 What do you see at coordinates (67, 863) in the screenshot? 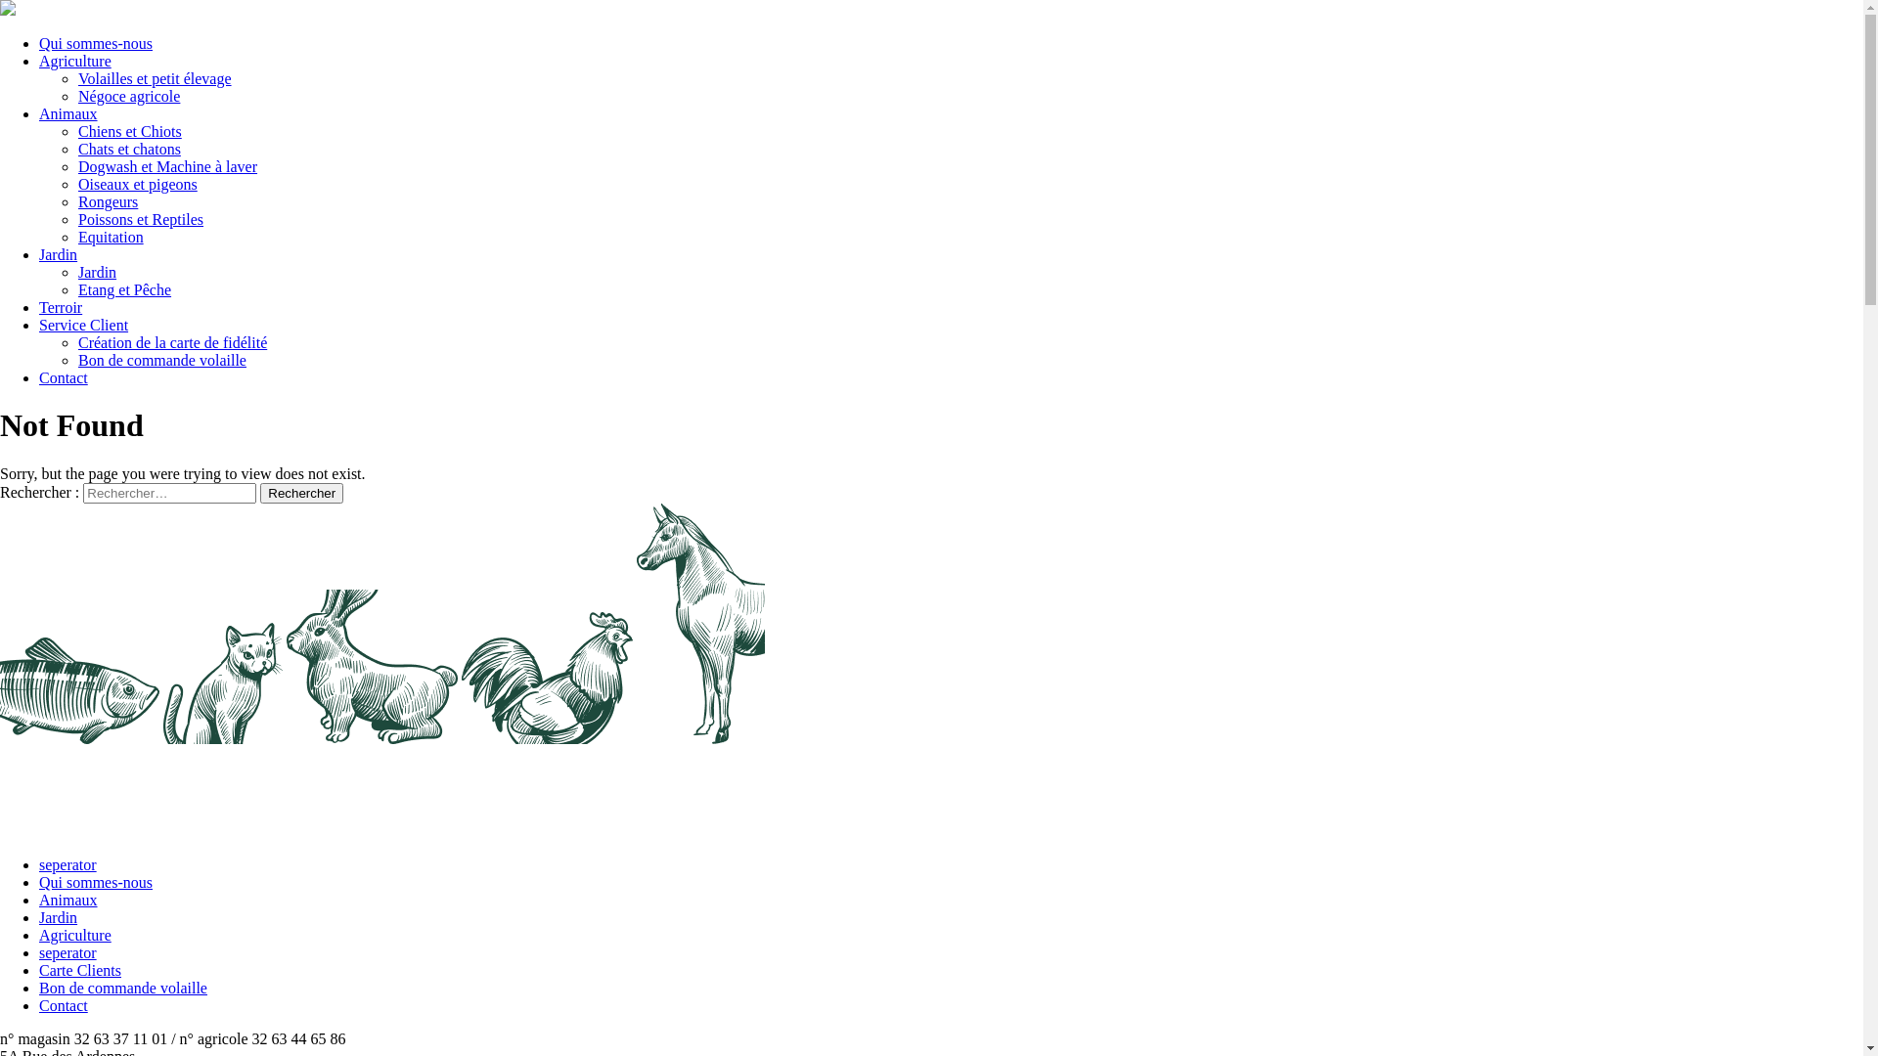
I see `'seperator'` at bounding box center [67, 863].